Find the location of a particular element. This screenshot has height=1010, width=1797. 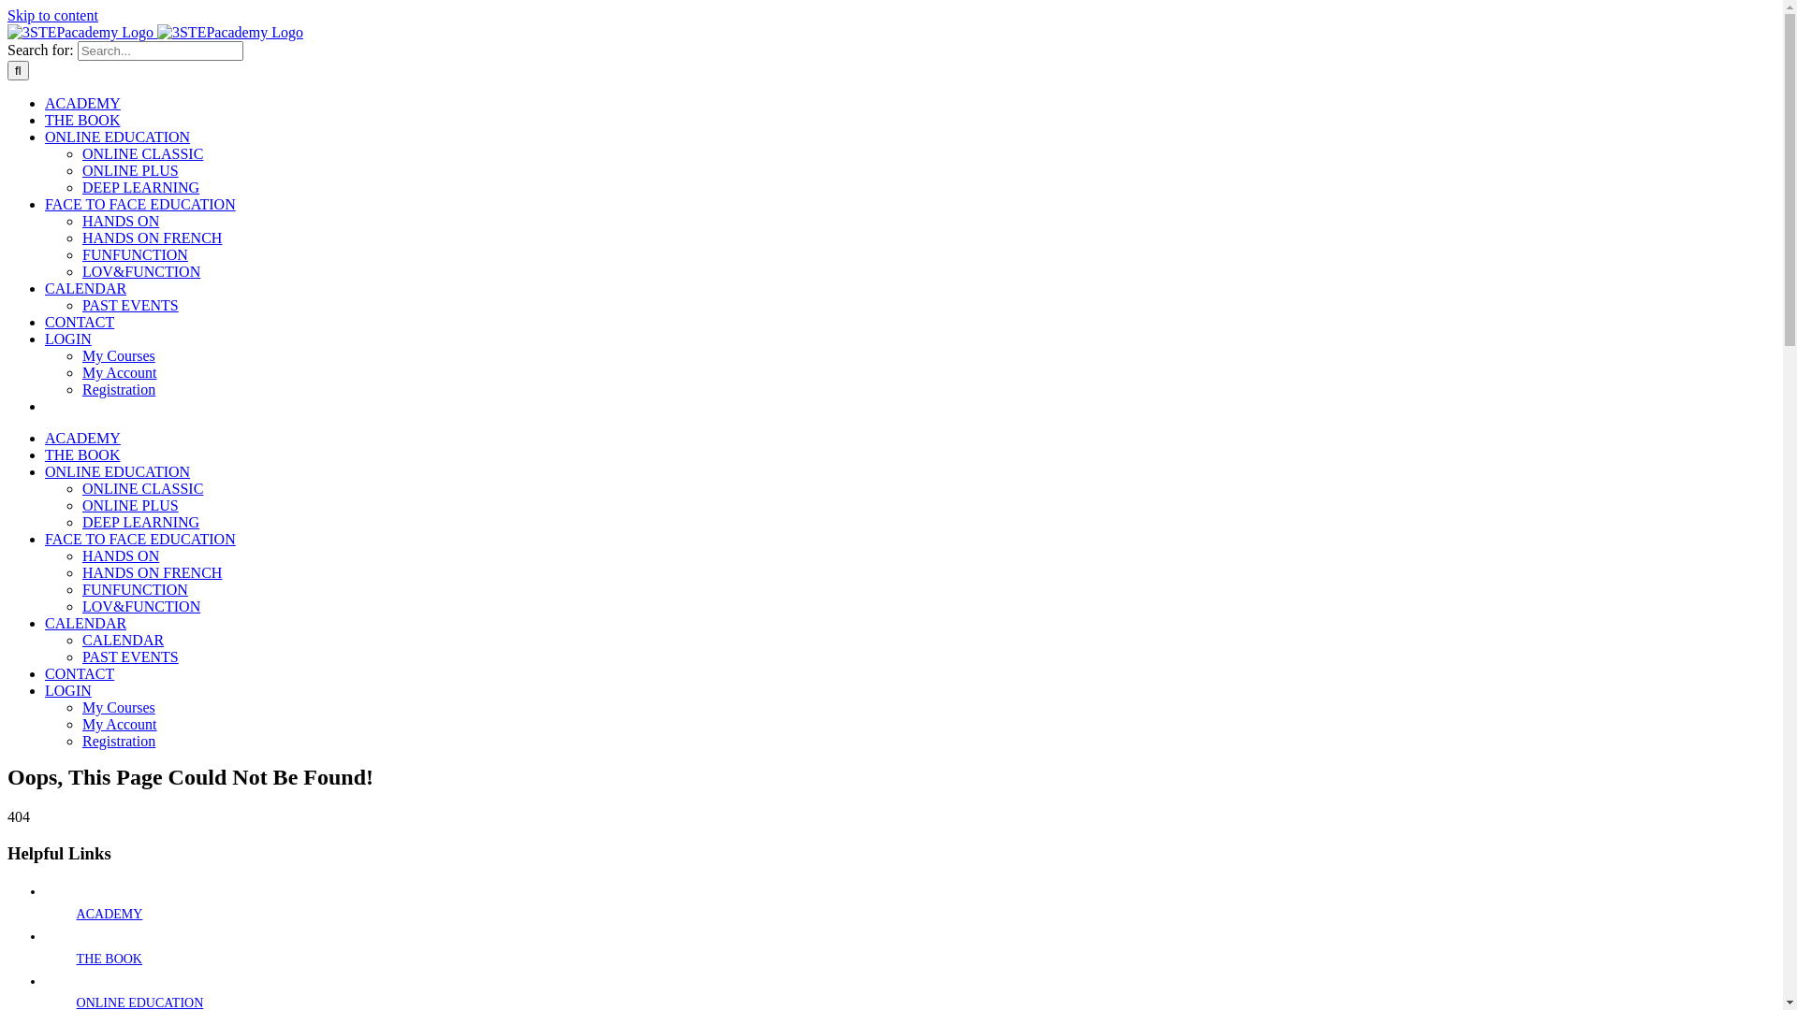

'LOGIN' is located at coordinates (67, 690).